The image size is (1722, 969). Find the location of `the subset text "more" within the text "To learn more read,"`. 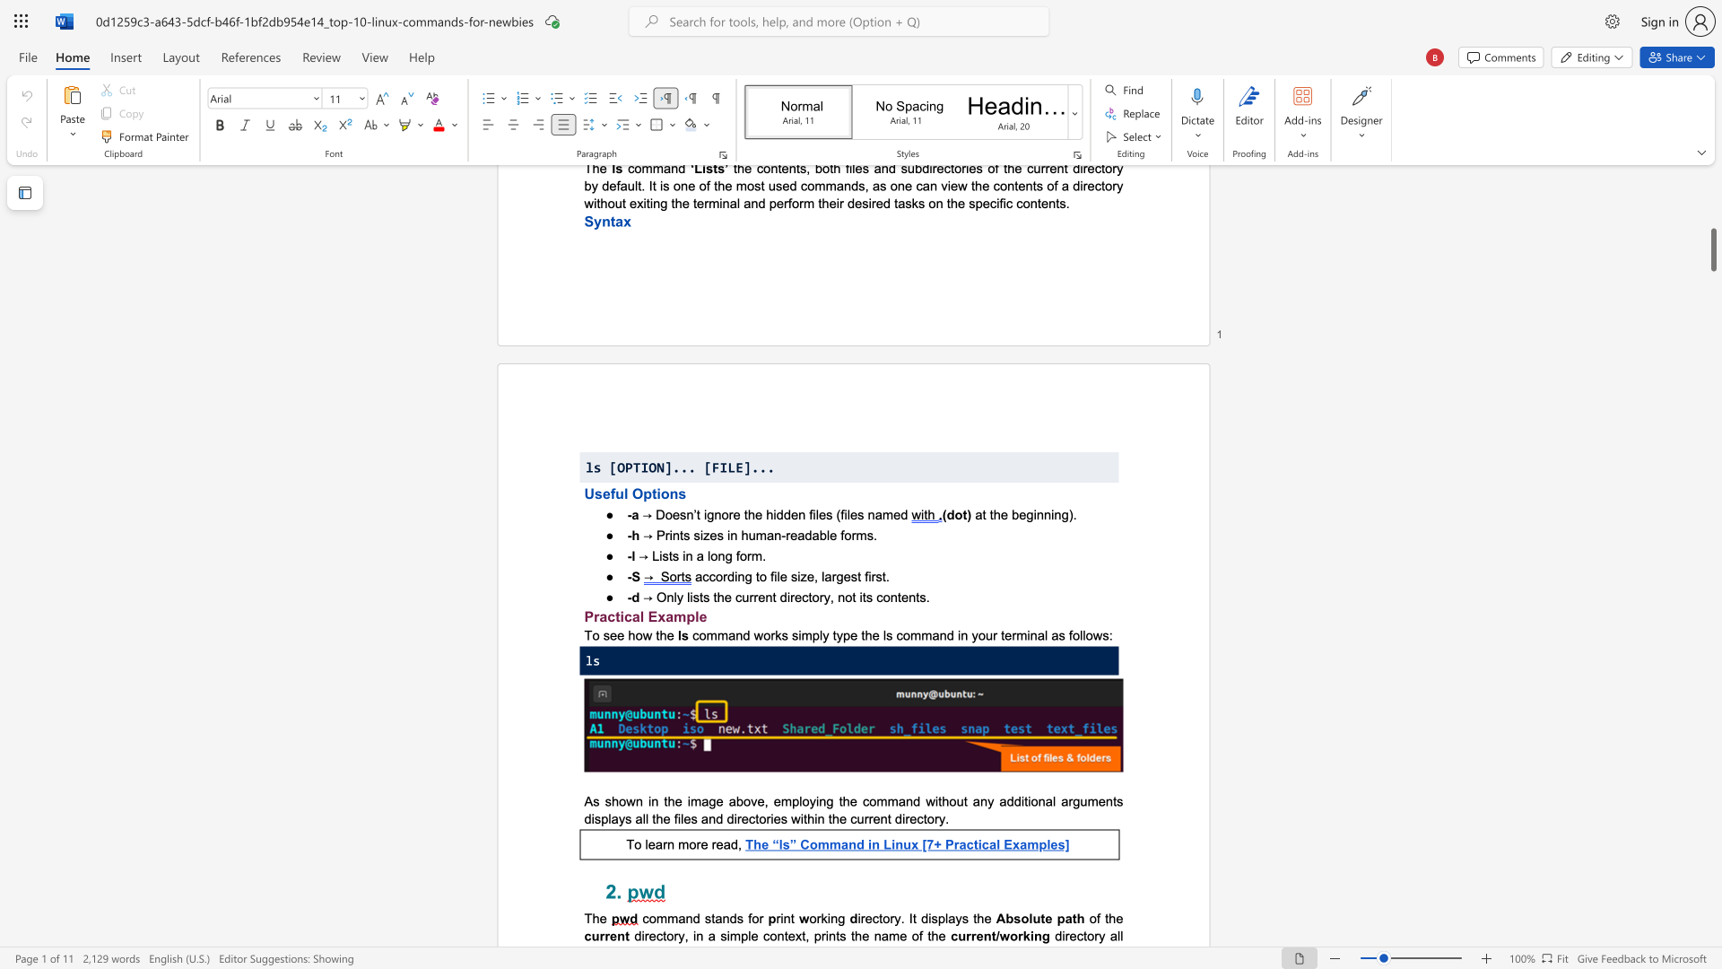

the subset text "more" within the text "To learn more read," is located at coordinates (677, 844).